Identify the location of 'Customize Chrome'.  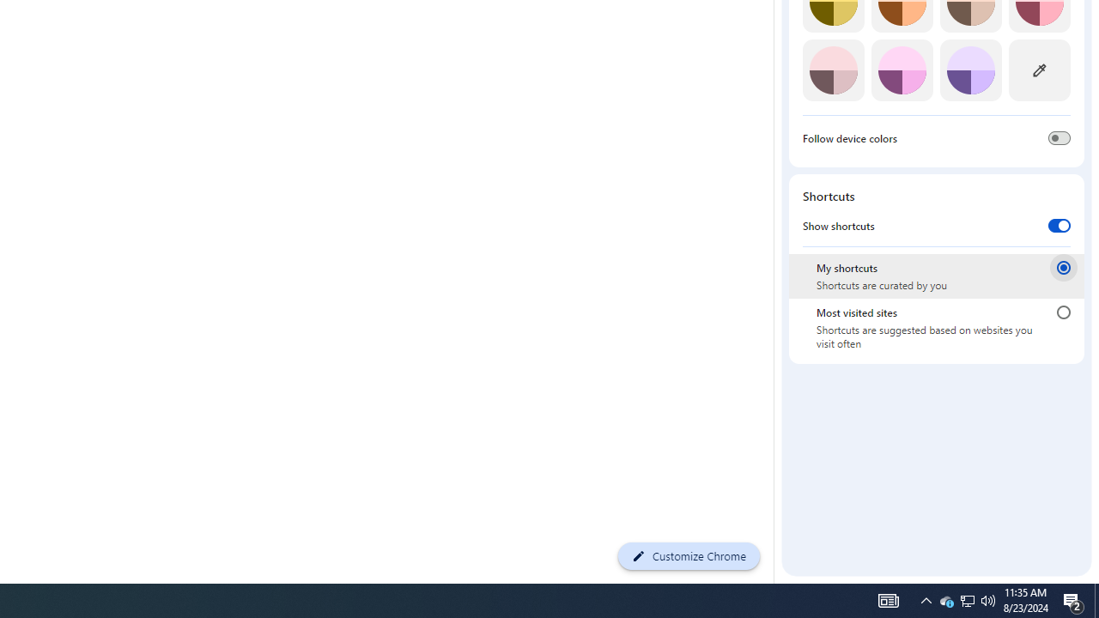
(688, 556).